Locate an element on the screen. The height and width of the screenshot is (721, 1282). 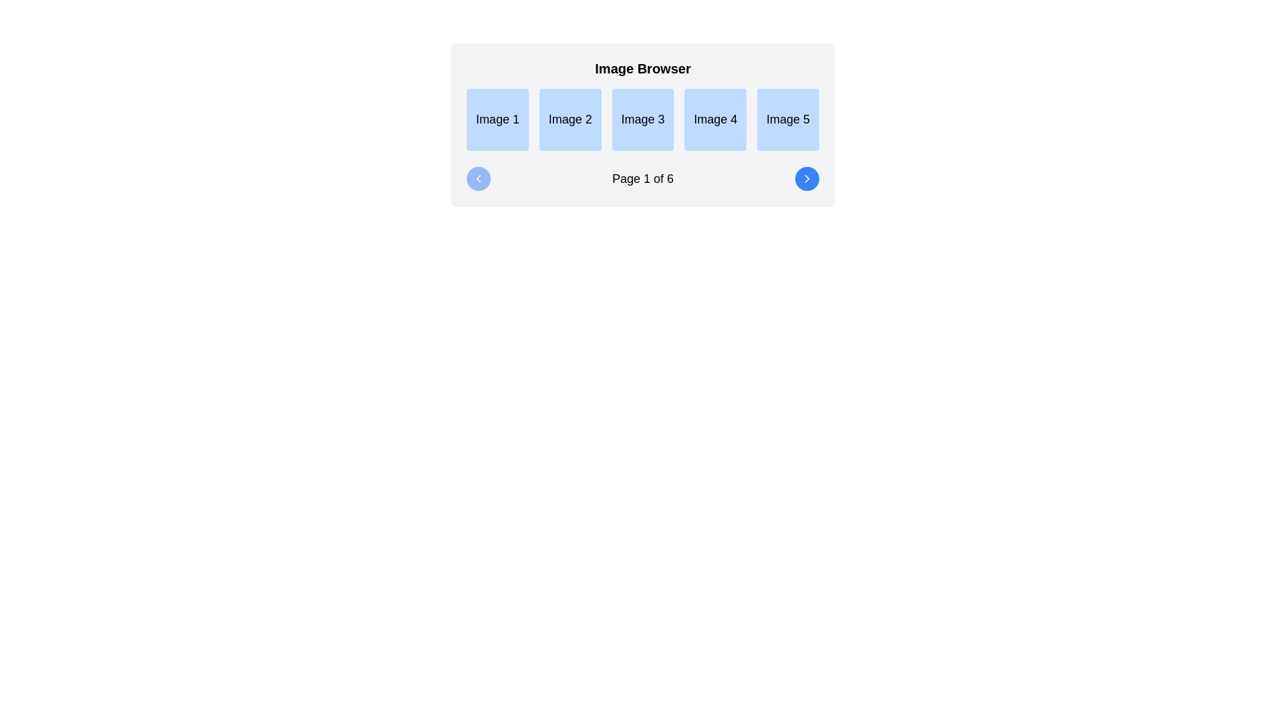
the stylized right-pointing chevron icon located within the rightmost circular button at the bottom of the image browser's interface is located at coordinates (807, 177).